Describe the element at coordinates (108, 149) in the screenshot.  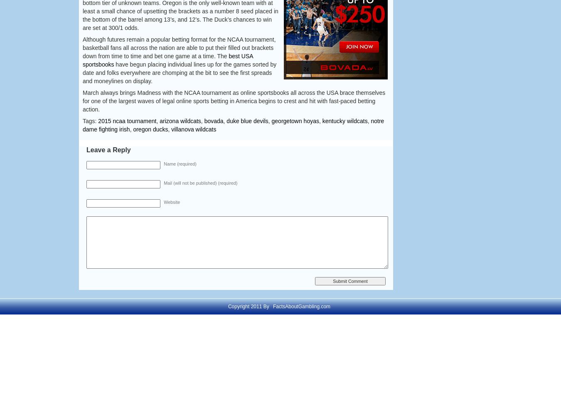
I see `'Leave a Reply'` at that location.